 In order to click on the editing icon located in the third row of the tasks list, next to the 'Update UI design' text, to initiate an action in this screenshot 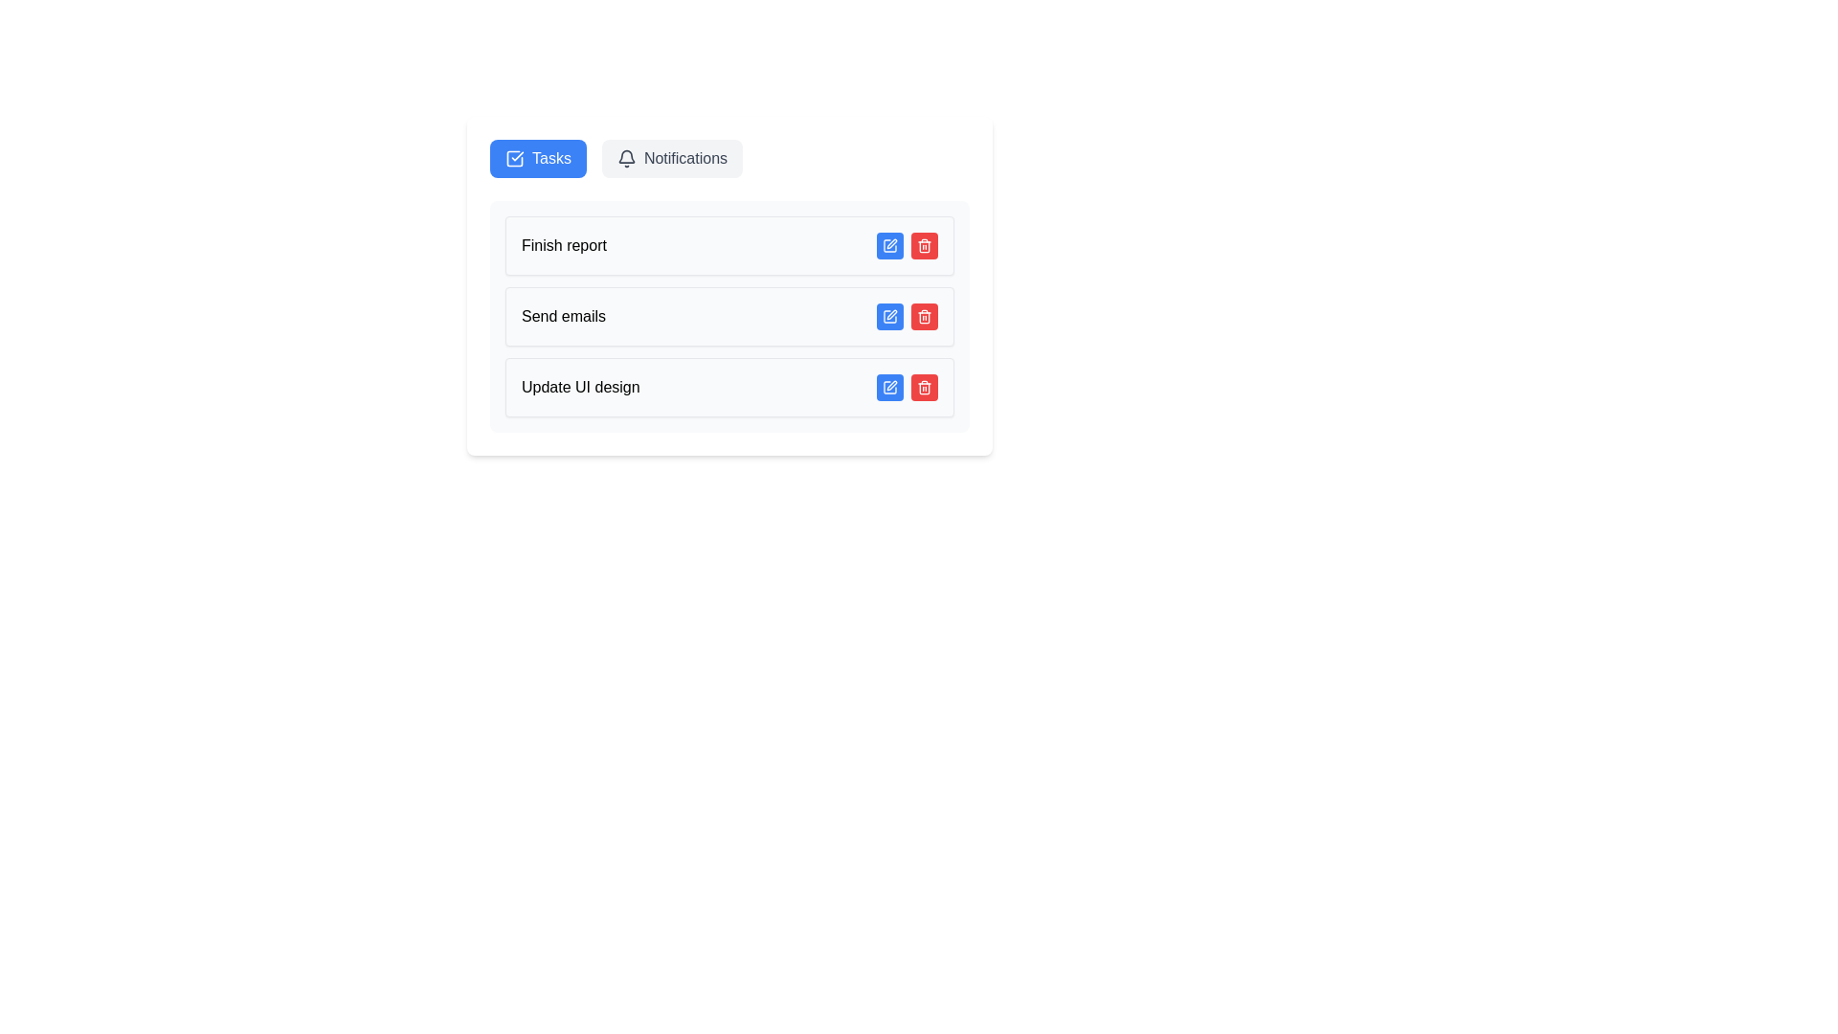, I will do `click(890, 385)`.